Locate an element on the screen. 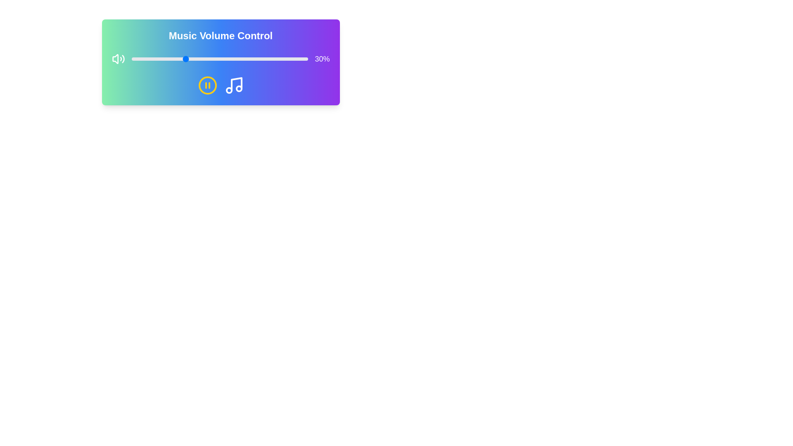 This screenshot has height=446, width=793. the volume is located at coordinates (156, 58).